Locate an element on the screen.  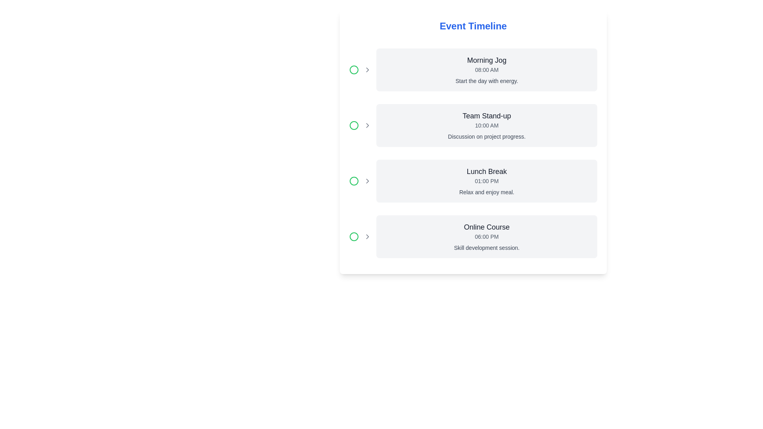
the Informational event card located in the schedule or timeline, which provides details about the event and is positioned as the third card in a vertical list is located at coordinates (486, 181).